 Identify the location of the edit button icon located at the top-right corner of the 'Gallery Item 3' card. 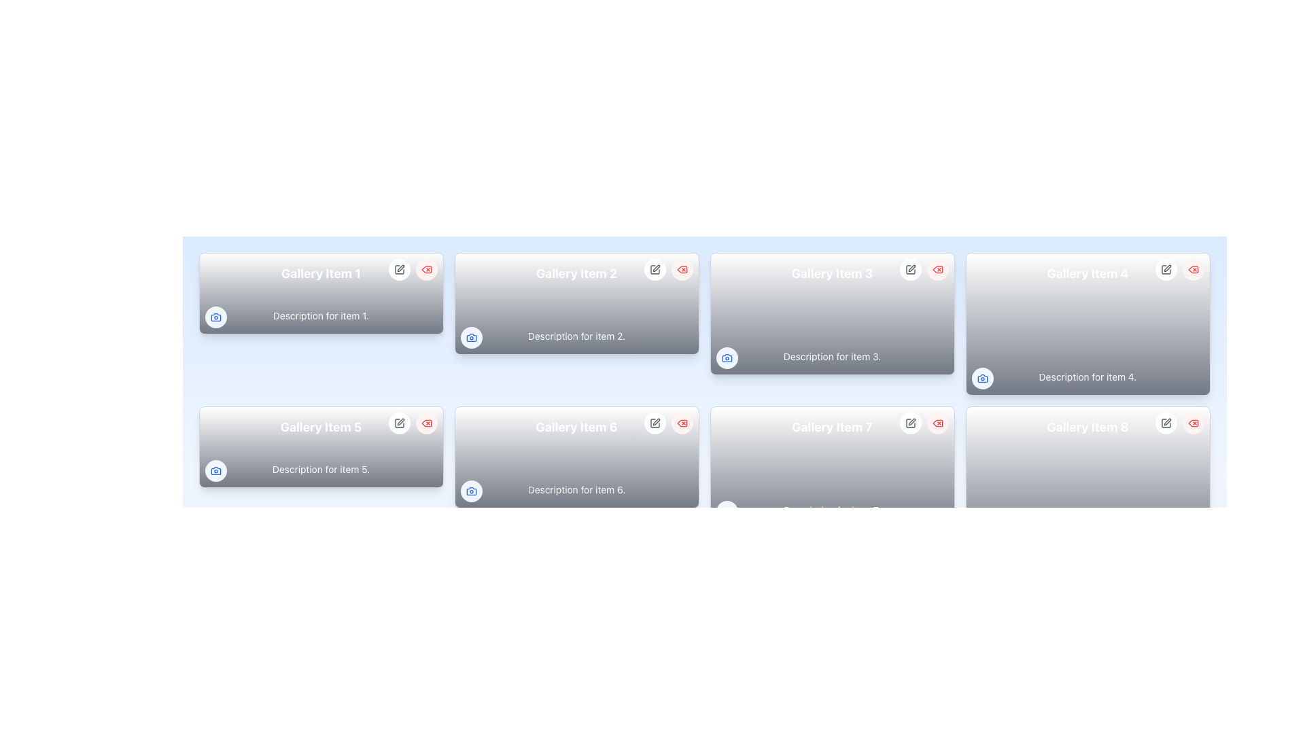
(910, 270).